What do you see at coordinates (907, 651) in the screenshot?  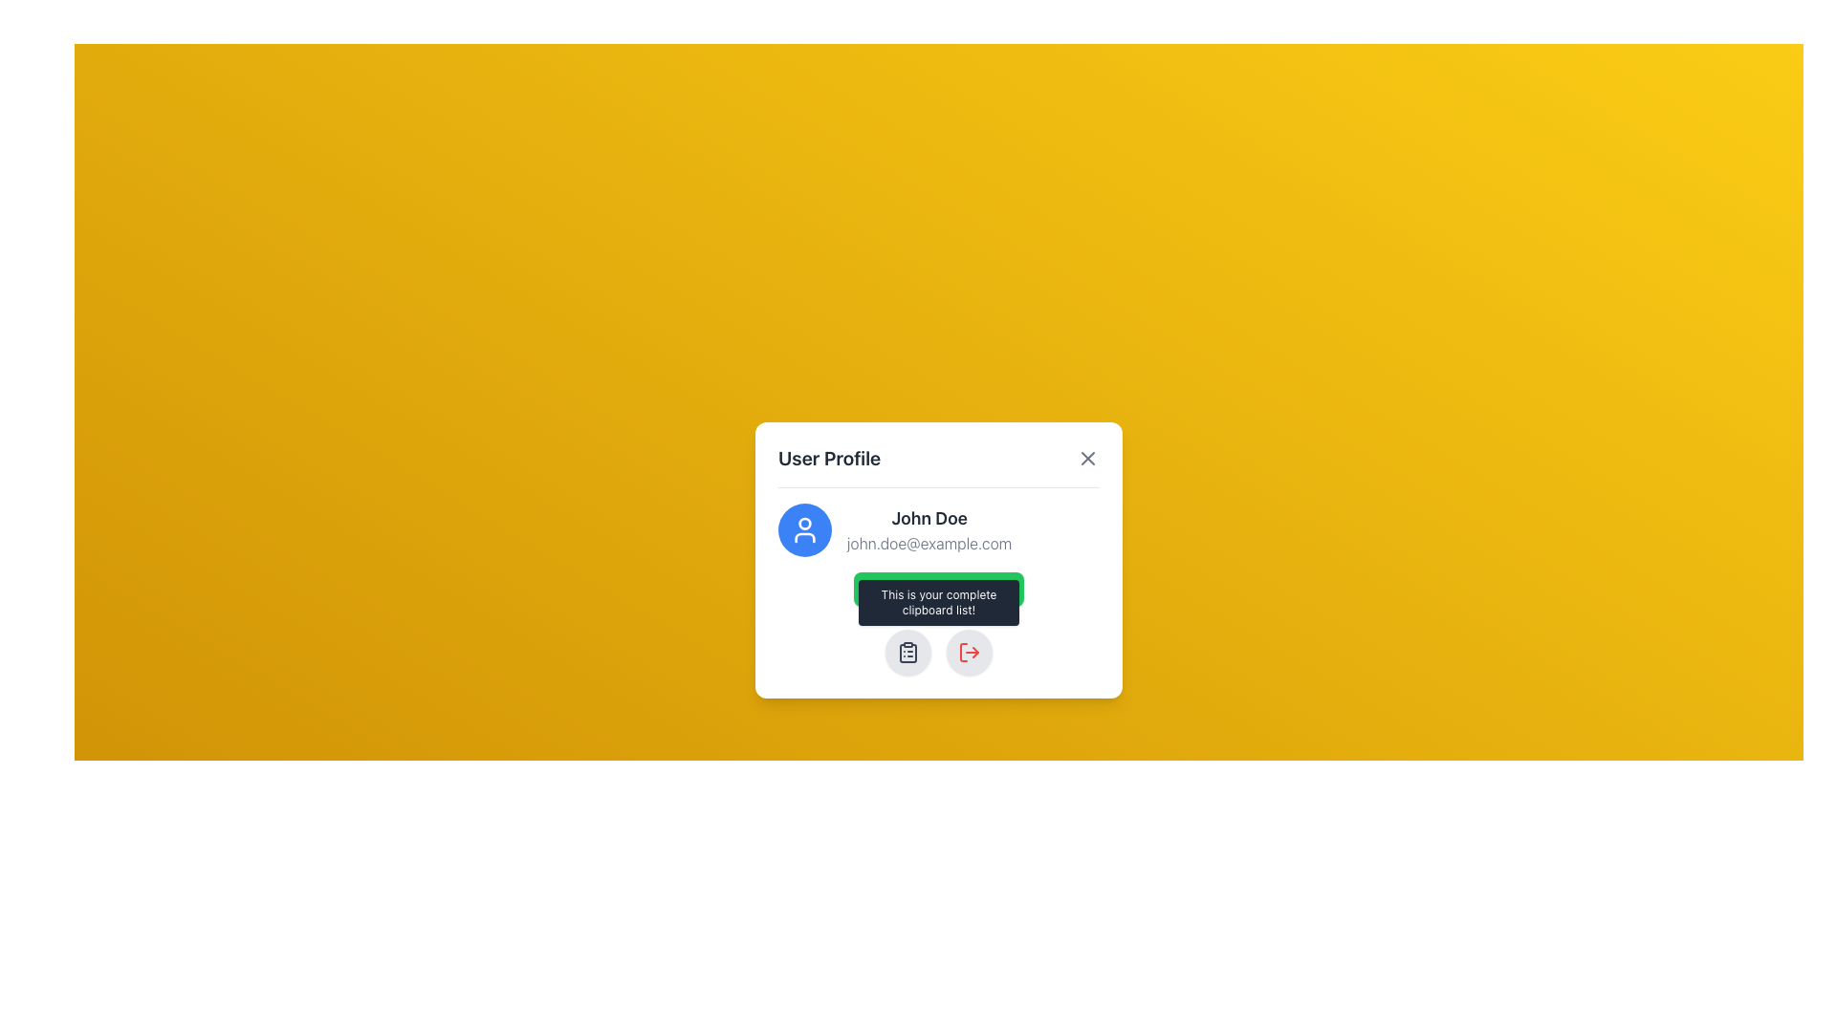 I see `the rounded button with a clipboard icon, located at the bottom center of the profile card` at bounding box center [907, 651].